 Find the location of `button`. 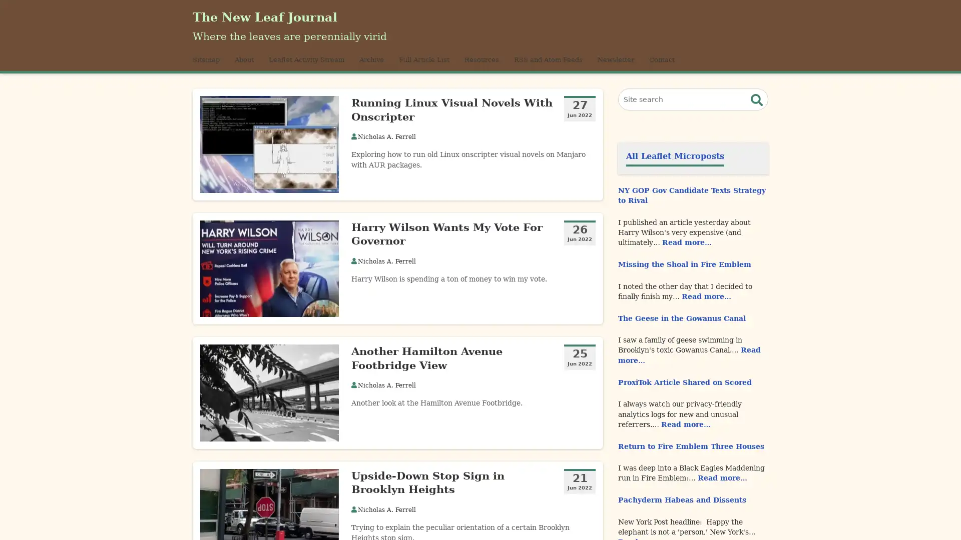

button is located at coordinates (757, 111).